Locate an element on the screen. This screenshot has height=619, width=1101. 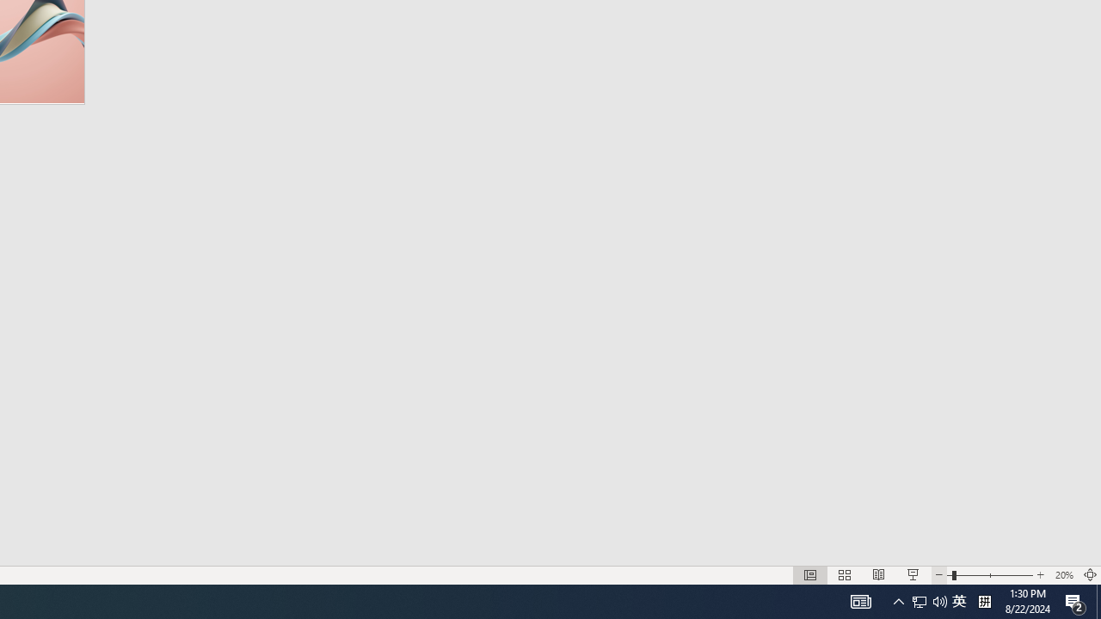
'Zoom 20%' is located at coordinates (1063, 575).